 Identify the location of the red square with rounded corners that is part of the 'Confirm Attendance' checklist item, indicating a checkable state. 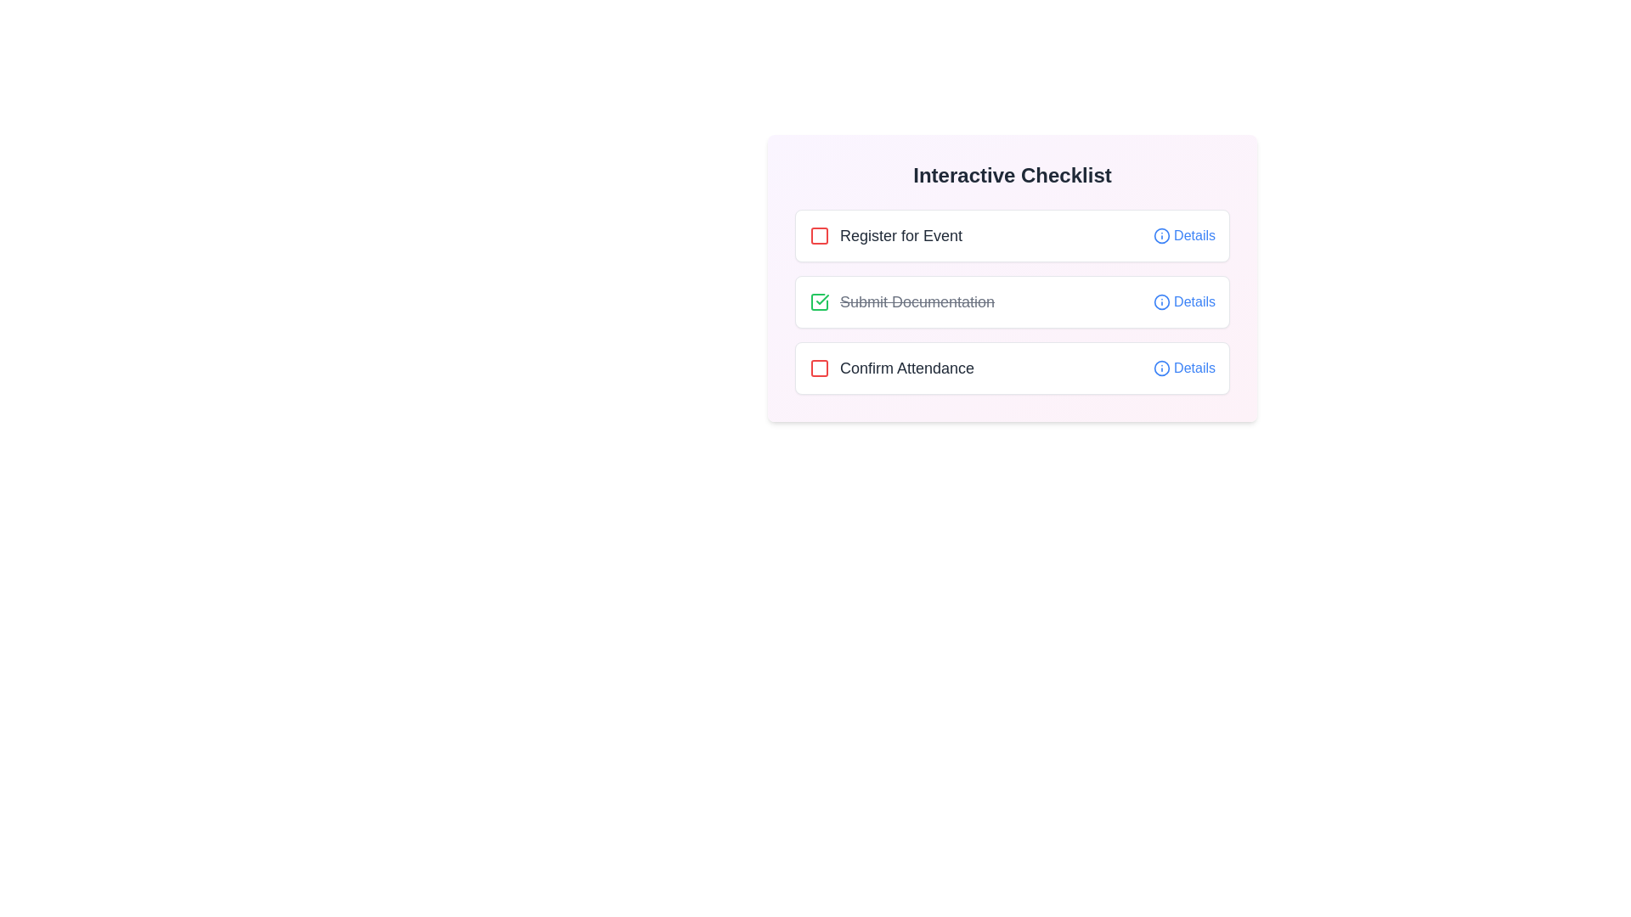
(819, 368).